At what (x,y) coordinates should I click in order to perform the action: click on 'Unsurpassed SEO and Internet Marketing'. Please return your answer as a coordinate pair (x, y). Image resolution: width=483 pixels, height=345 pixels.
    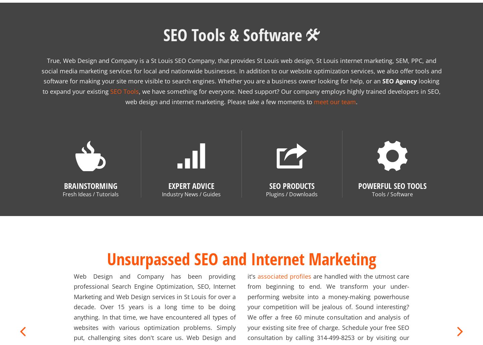
    Looking at the image, I should click on (241, 250).